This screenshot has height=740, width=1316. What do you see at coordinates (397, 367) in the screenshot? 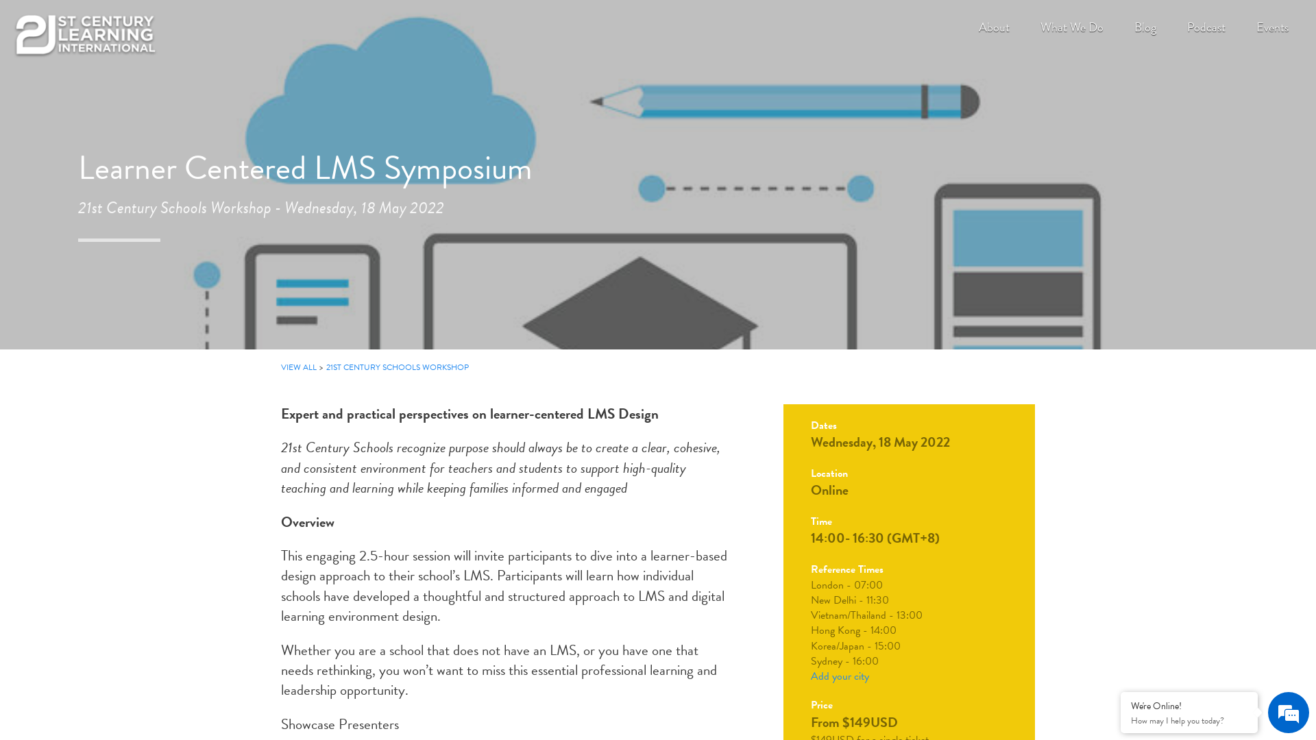
I see `'21ST CENTURY SCHOOLS WORKSHOP'` at bounding box center [397, 367].